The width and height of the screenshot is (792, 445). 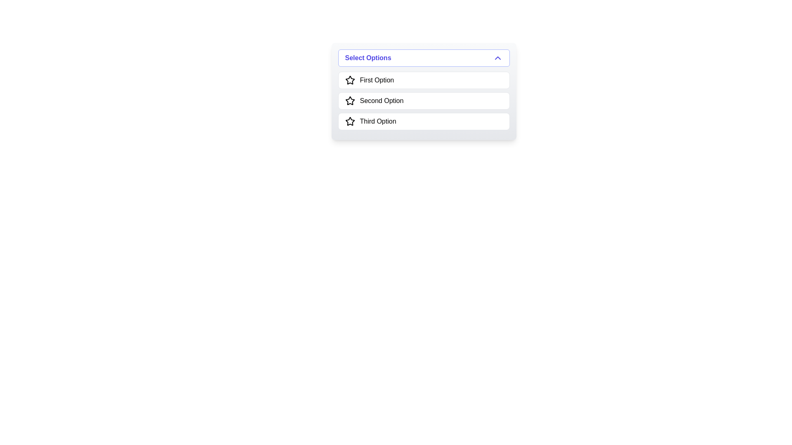 I want to click on the 'Second Option' item, which displays the text 'Second Option' and a star icon, located centrally below the 'First Option' within the 'Select Options' section, so click(x=424, y=101).